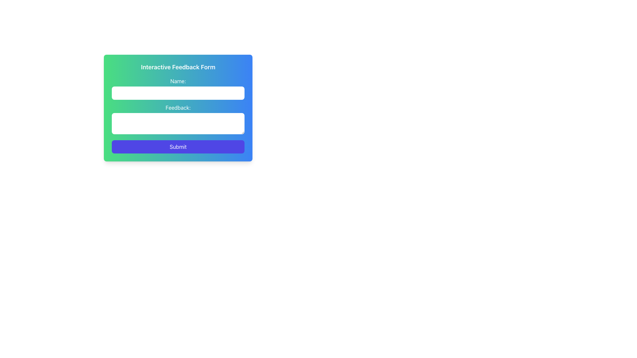 This screenshot has width=637, height=358. Describe the element at coordinates (178, 147) in the screenshot. I see `the submission button located at the bottom of the form, centered horizontally below the 'Feedback:' input field` at that location.